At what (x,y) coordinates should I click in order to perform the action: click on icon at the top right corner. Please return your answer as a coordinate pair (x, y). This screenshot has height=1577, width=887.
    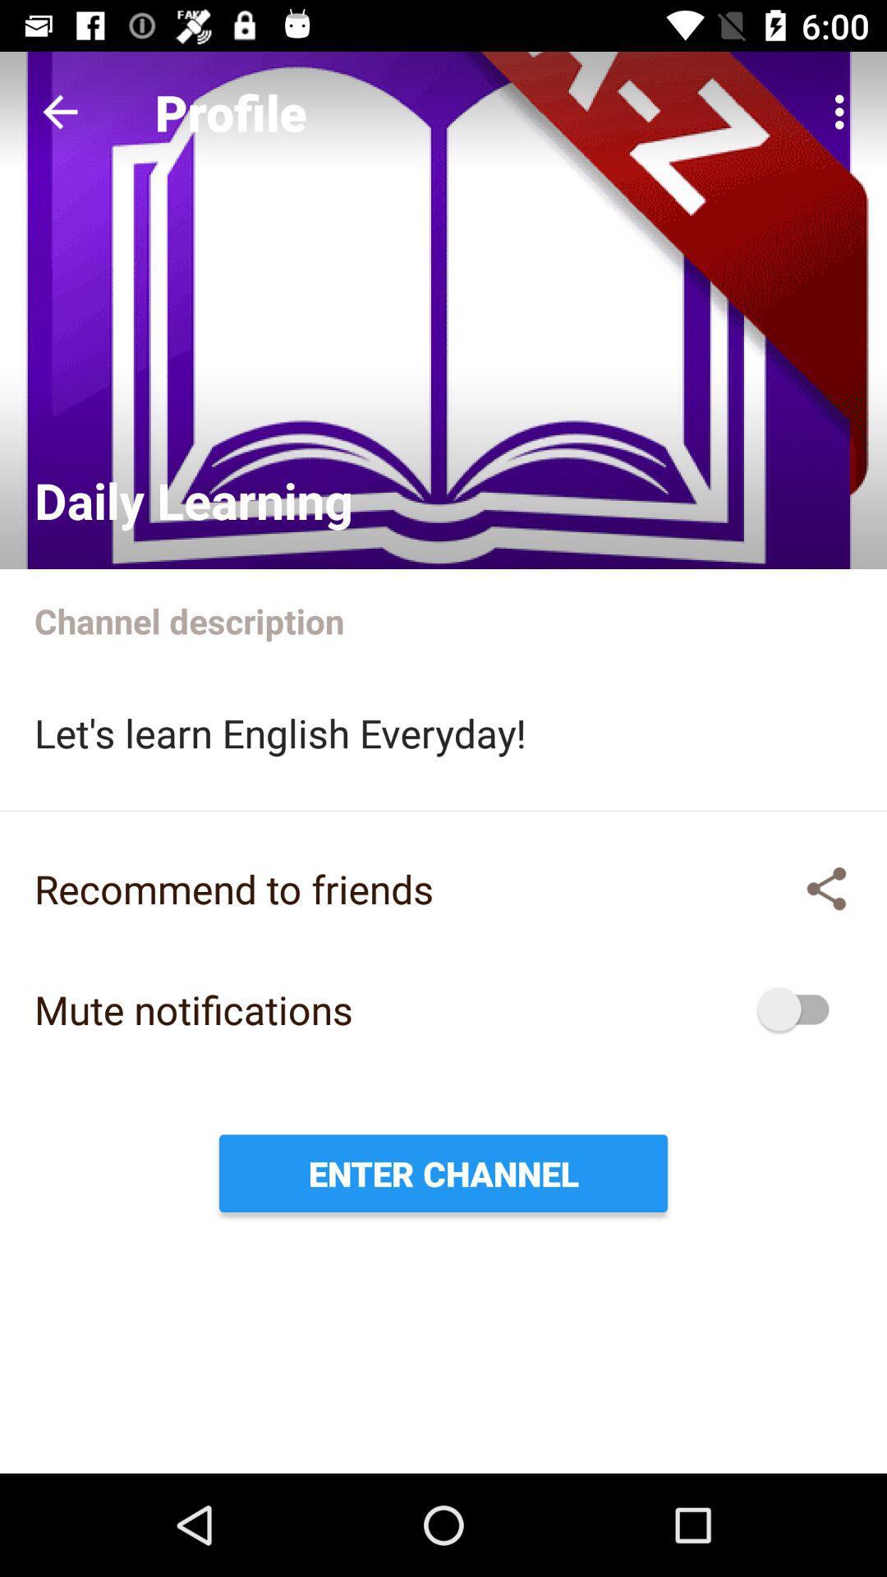
    Looking at the image, I should click on (843, 111).